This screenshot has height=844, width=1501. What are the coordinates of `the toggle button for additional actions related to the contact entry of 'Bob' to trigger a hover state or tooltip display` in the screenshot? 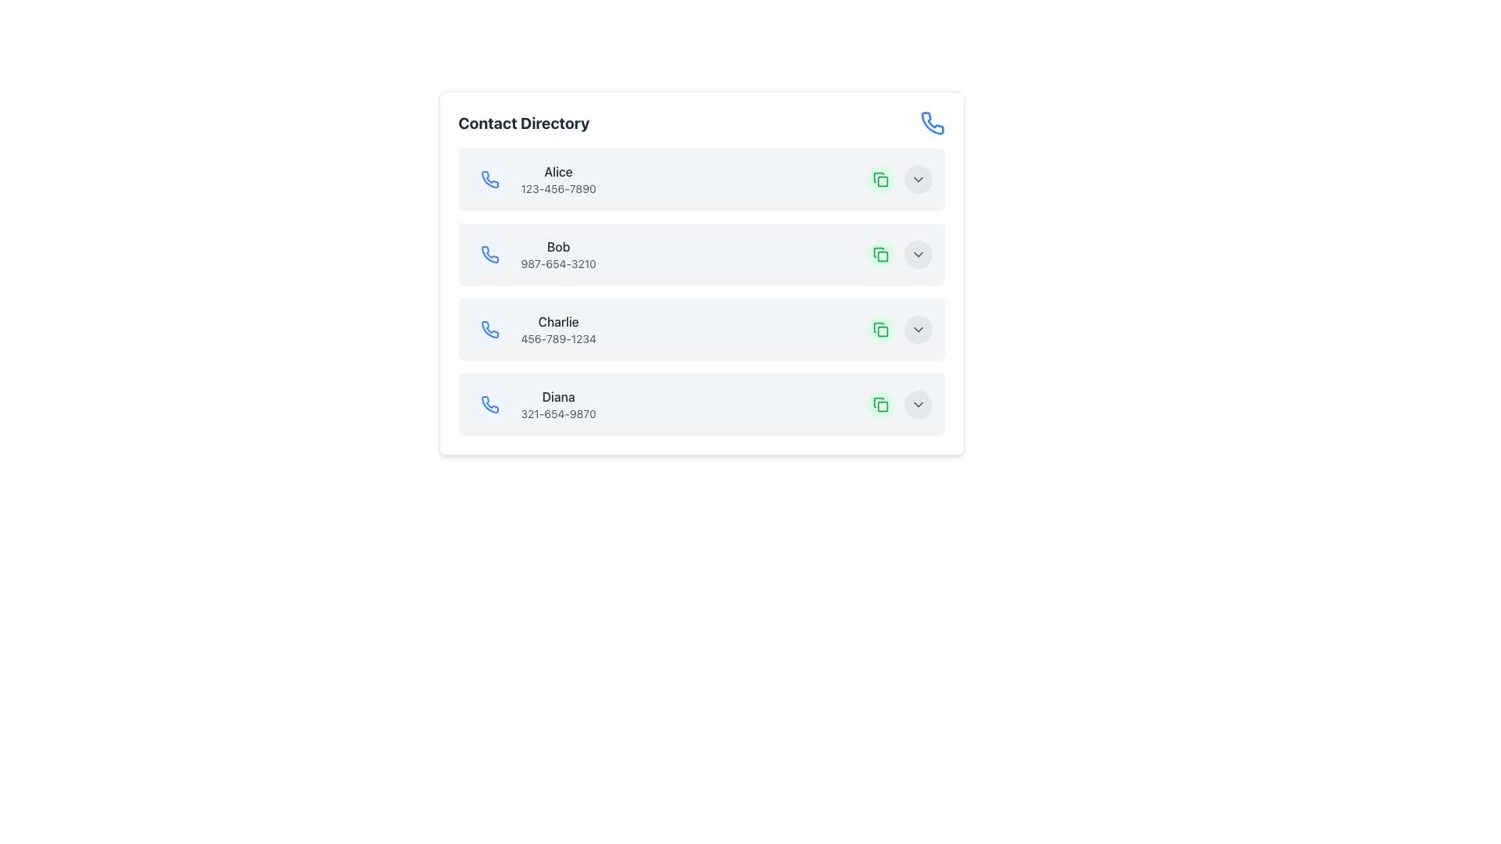 It's located at (918, 254).